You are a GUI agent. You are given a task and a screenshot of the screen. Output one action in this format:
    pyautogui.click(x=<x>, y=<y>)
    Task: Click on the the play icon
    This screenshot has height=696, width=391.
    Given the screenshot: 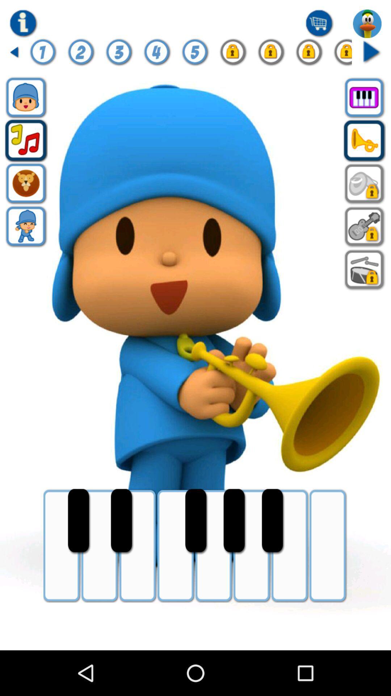 What is the action you would take?
    pyautogui.click(x=371, y=55)
    